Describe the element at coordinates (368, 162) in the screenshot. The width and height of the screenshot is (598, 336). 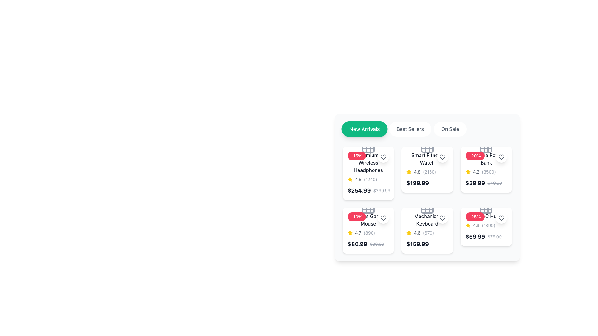
I see `the product name text label located at the top of the product card, below the discount badge and above the rating and price details` at that location.